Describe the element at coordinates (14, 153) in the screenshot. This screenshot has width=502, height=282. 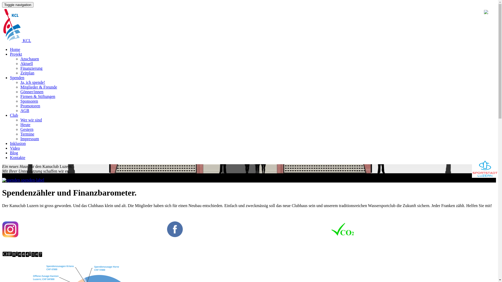
I see `'Blog'` at that location.